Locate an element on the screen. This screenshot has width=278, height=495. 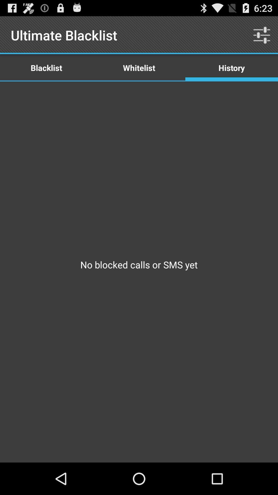
the history is located at coordinates (231, 67).